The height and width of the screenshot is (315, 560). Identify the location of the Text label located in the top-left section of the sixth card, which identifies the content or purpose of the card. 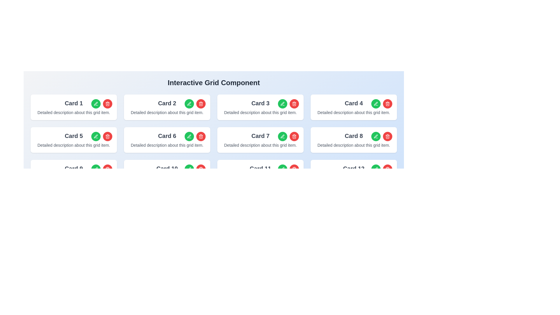
(167, 136).